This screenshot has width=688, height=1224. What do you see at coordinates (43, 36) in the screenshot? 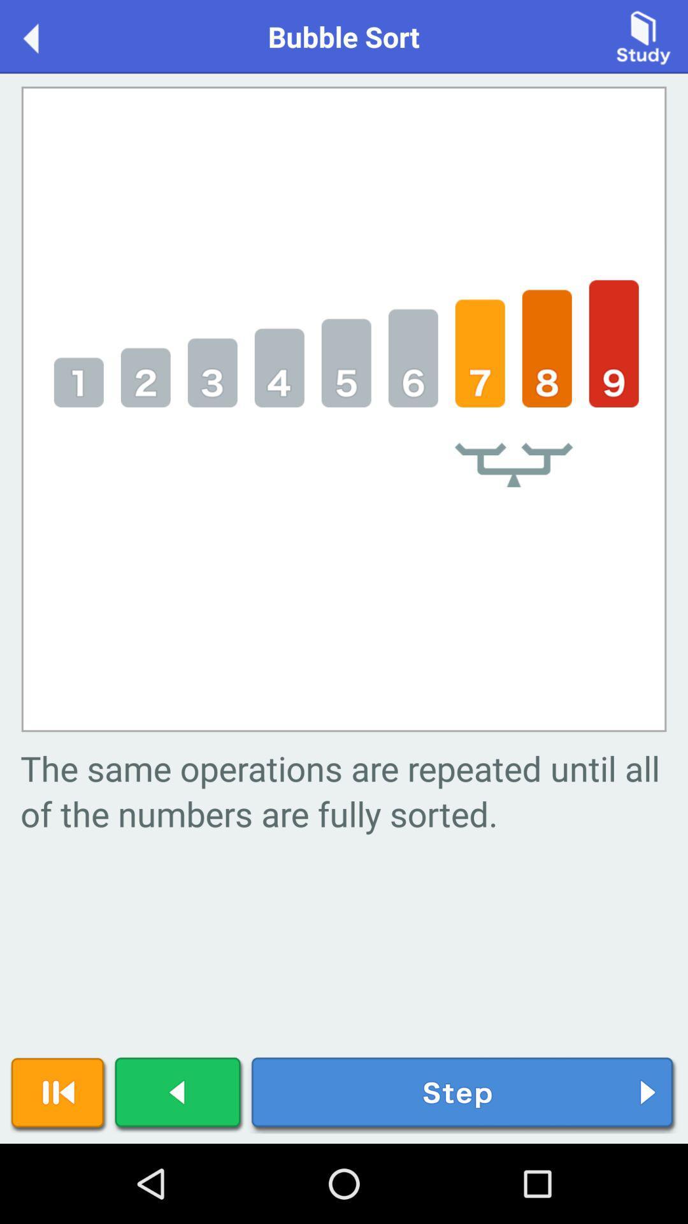
I see `item next to bubble sort item` at bounding box center [43, 36].